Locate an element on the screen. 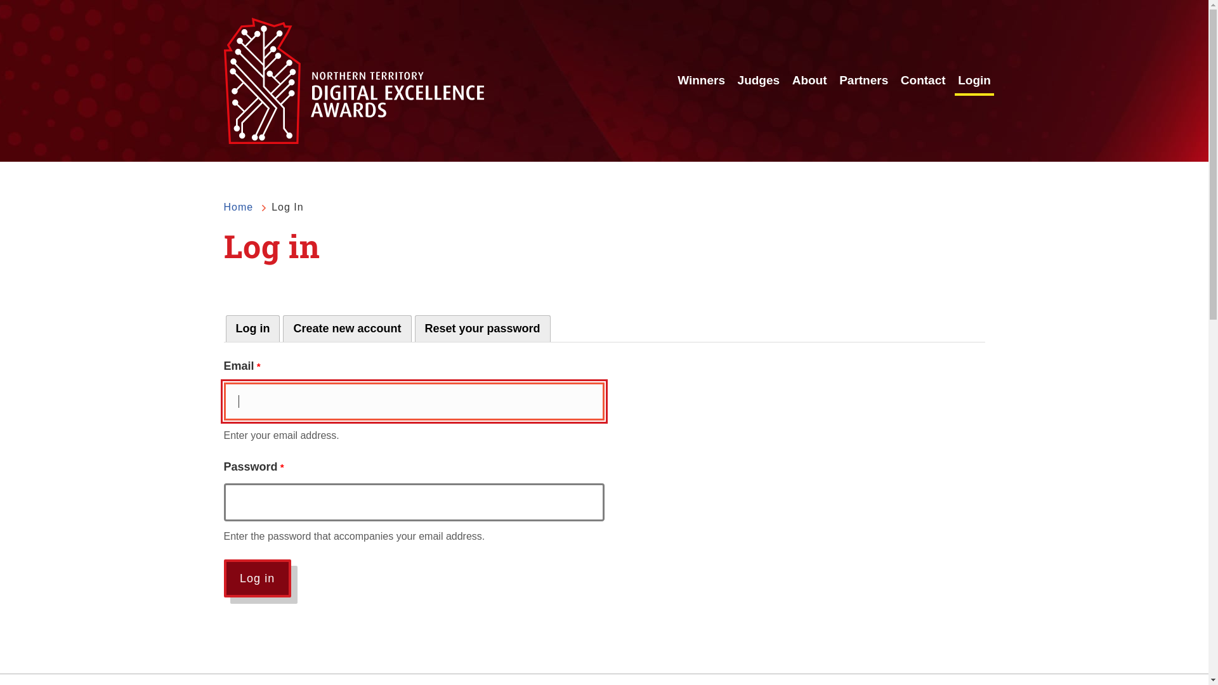  'Login' is located at coordinates (974, 81).